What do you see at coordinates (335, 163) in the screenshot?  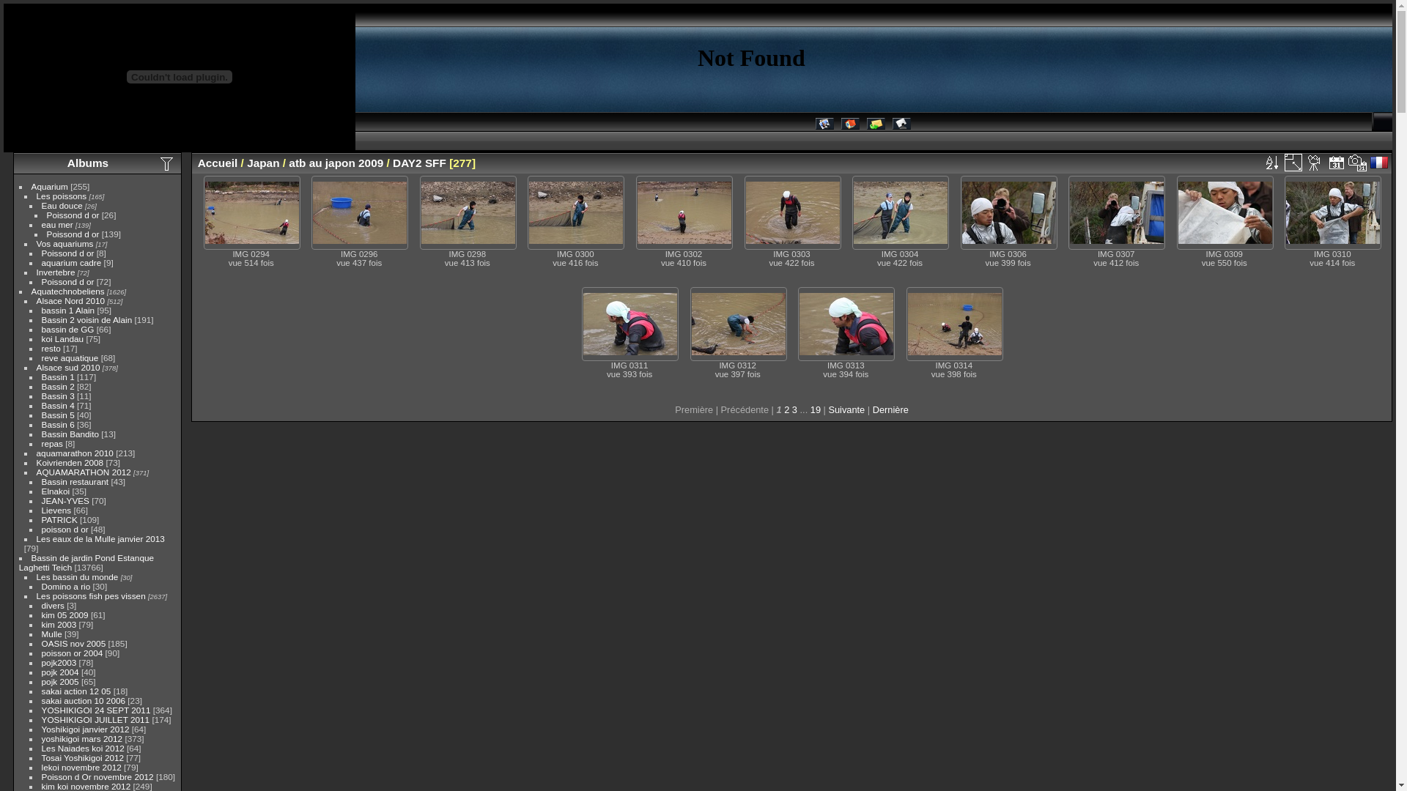 I see `'atb au japon 2009'` at bounding box center [335, 163].